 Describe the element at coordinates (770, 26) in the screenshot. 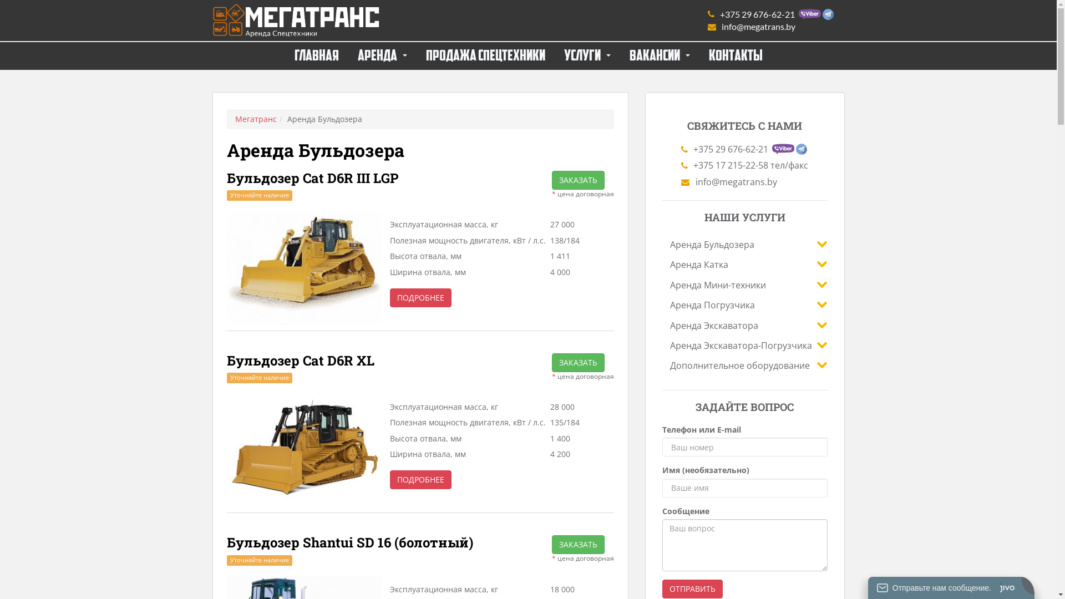

I see `'info@megatrans.by'` at that location.